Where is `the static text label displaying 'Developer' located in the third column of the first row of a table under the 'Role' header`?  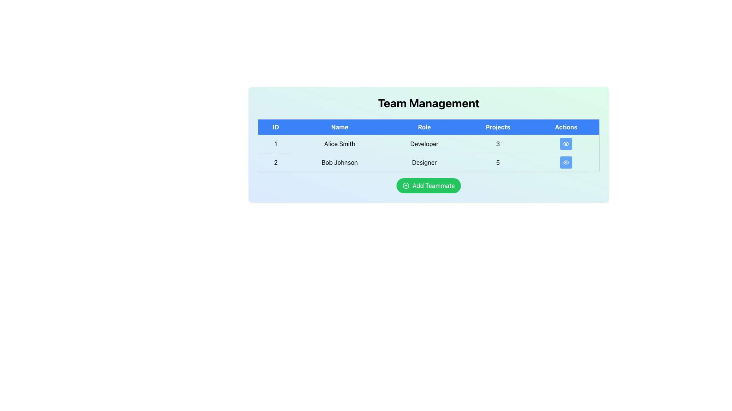
the static text label displaying 'Developer' located in the third column of the first row of a table under the 'Role' header is located at coordinates (424, 144).